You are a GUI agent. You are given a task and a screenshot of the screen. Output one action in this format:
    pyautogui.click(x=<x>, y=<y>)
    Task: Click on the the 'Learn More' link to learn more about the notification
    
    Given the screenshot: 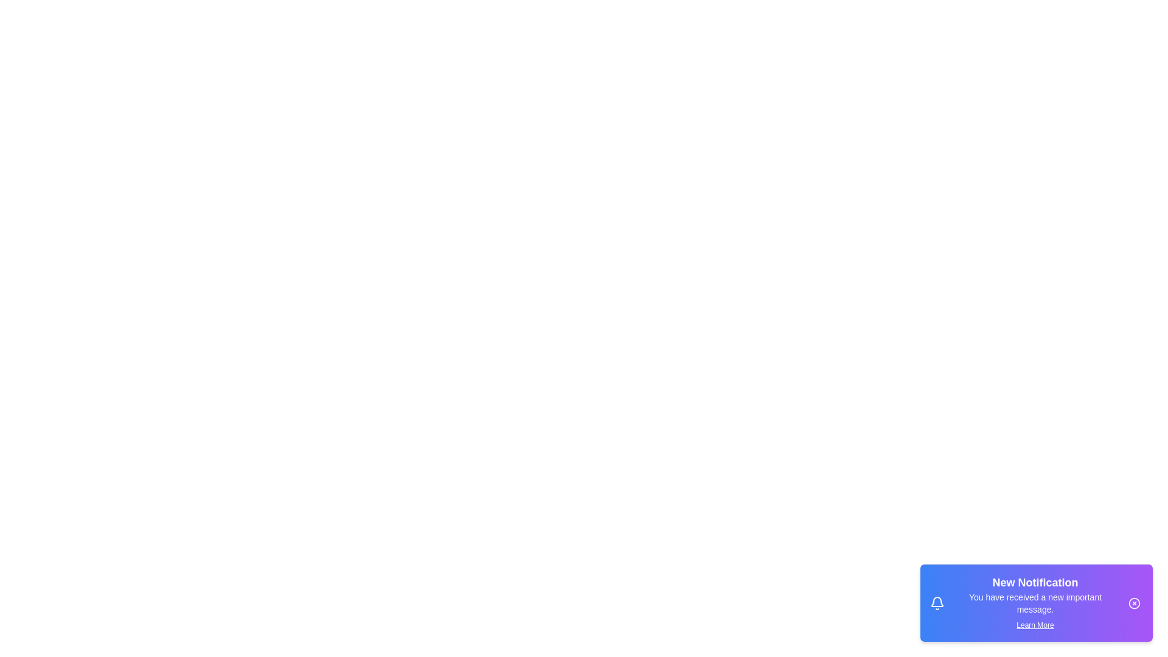 What is the action you would take?
    pyautogui.click(x=1035, y=625)
    